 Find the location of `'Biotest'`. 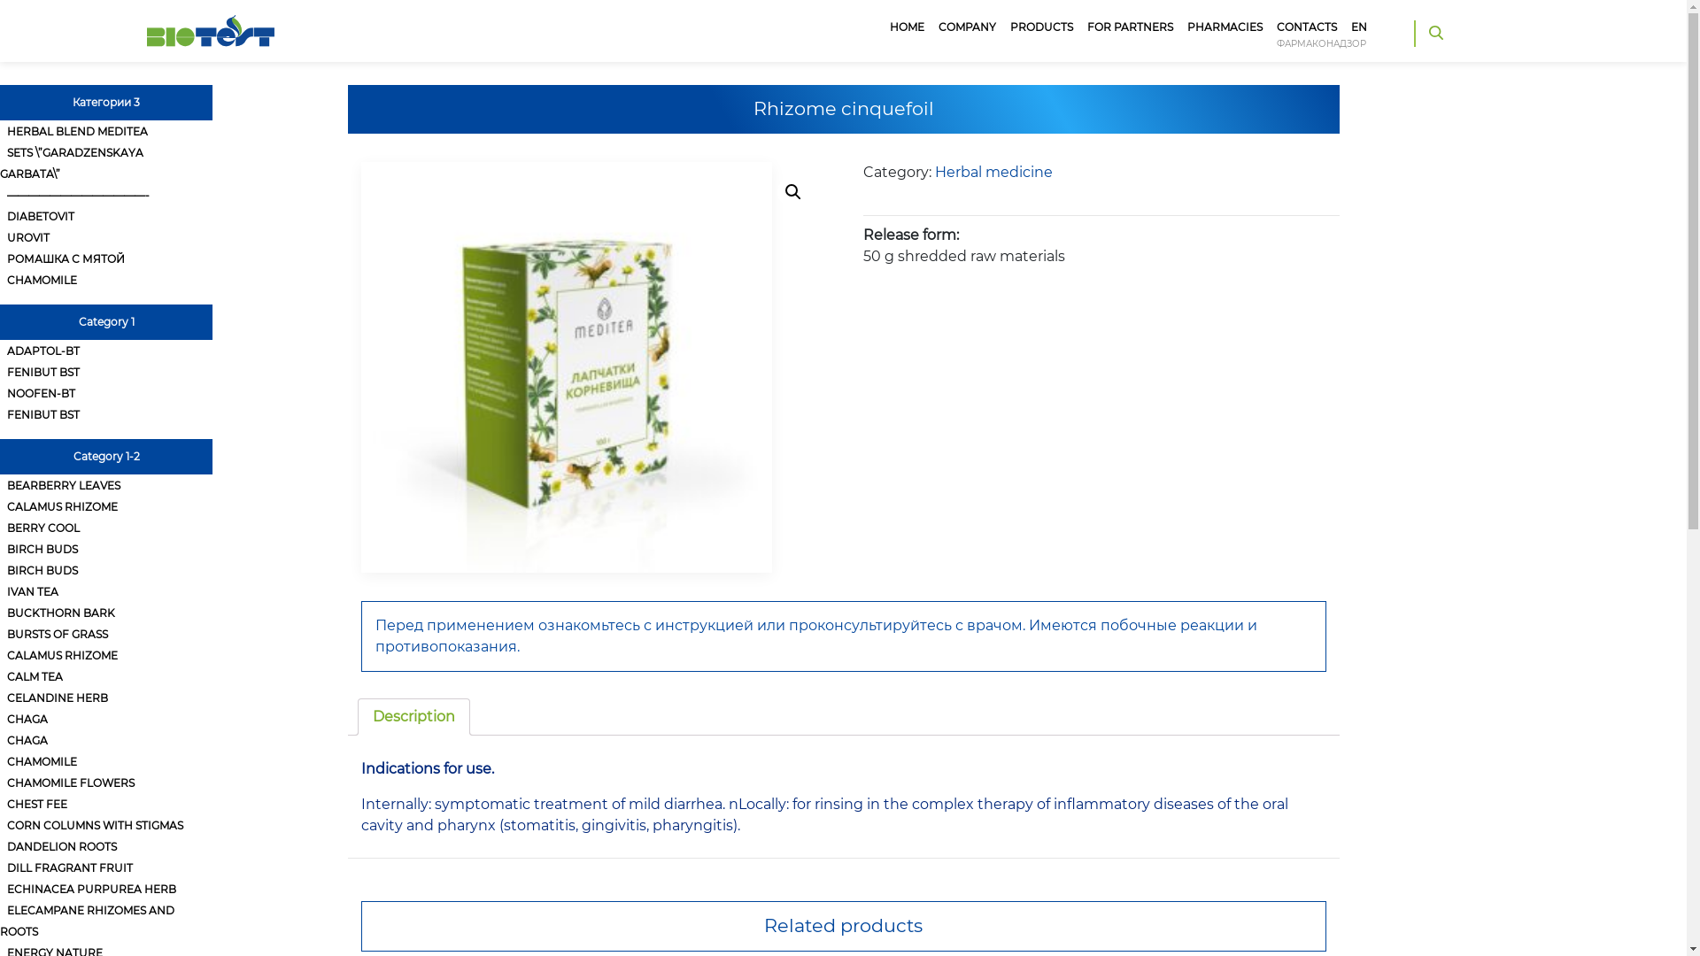

'Biotest' is located at coordinates (211, 16).